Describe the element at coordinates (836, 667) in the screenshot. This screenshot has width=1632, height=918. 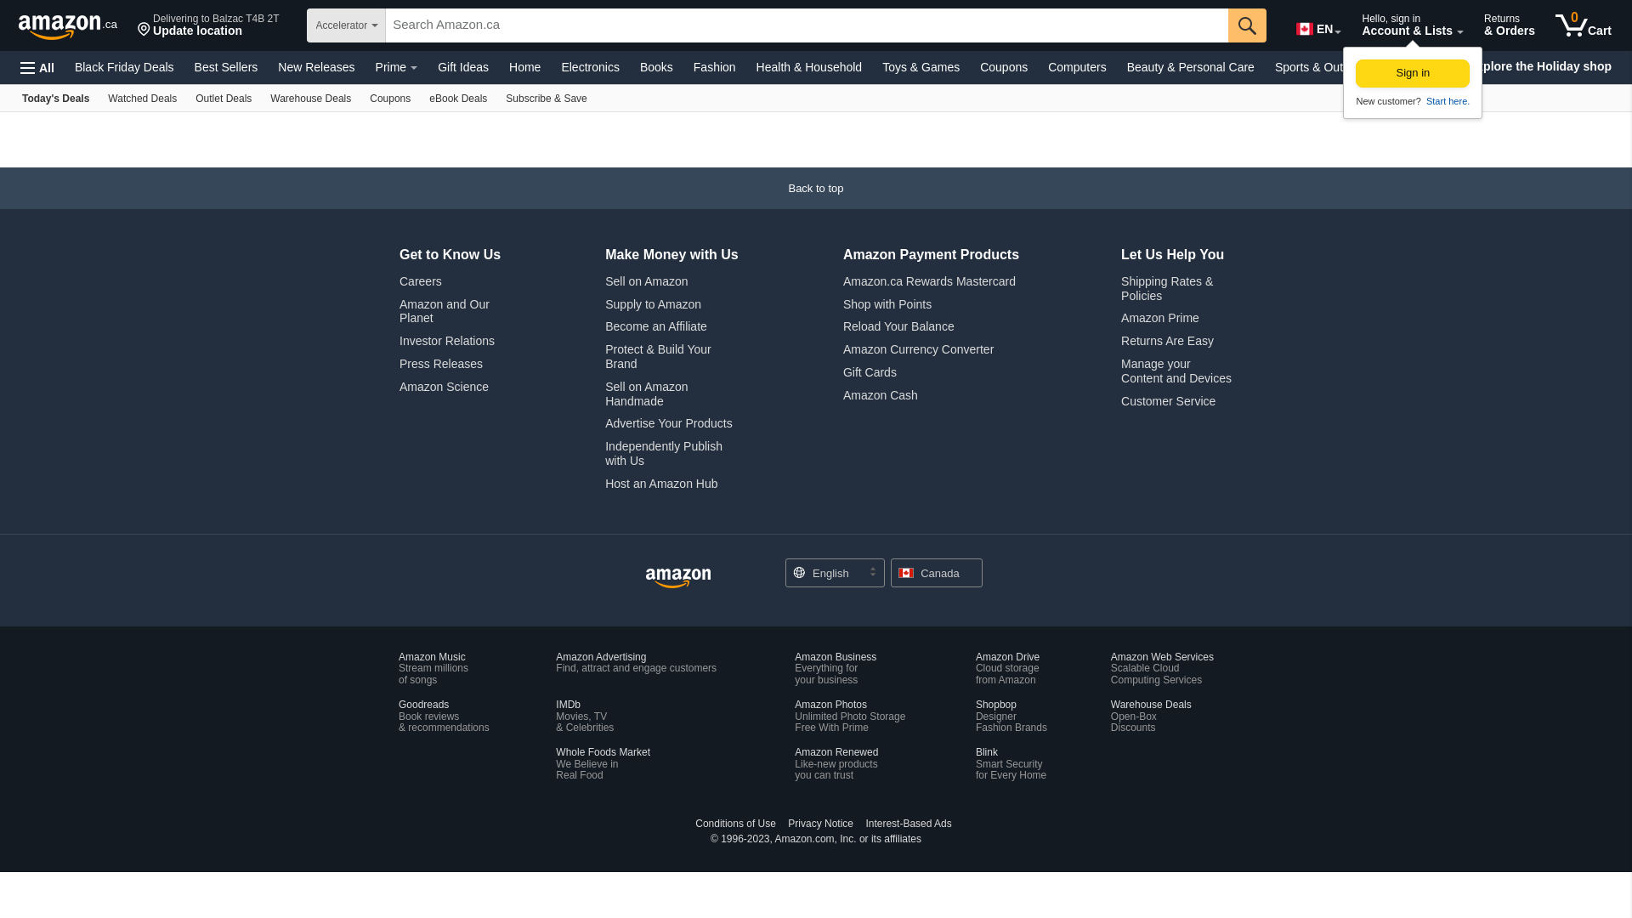
I see `'Amazon Business` at that location.